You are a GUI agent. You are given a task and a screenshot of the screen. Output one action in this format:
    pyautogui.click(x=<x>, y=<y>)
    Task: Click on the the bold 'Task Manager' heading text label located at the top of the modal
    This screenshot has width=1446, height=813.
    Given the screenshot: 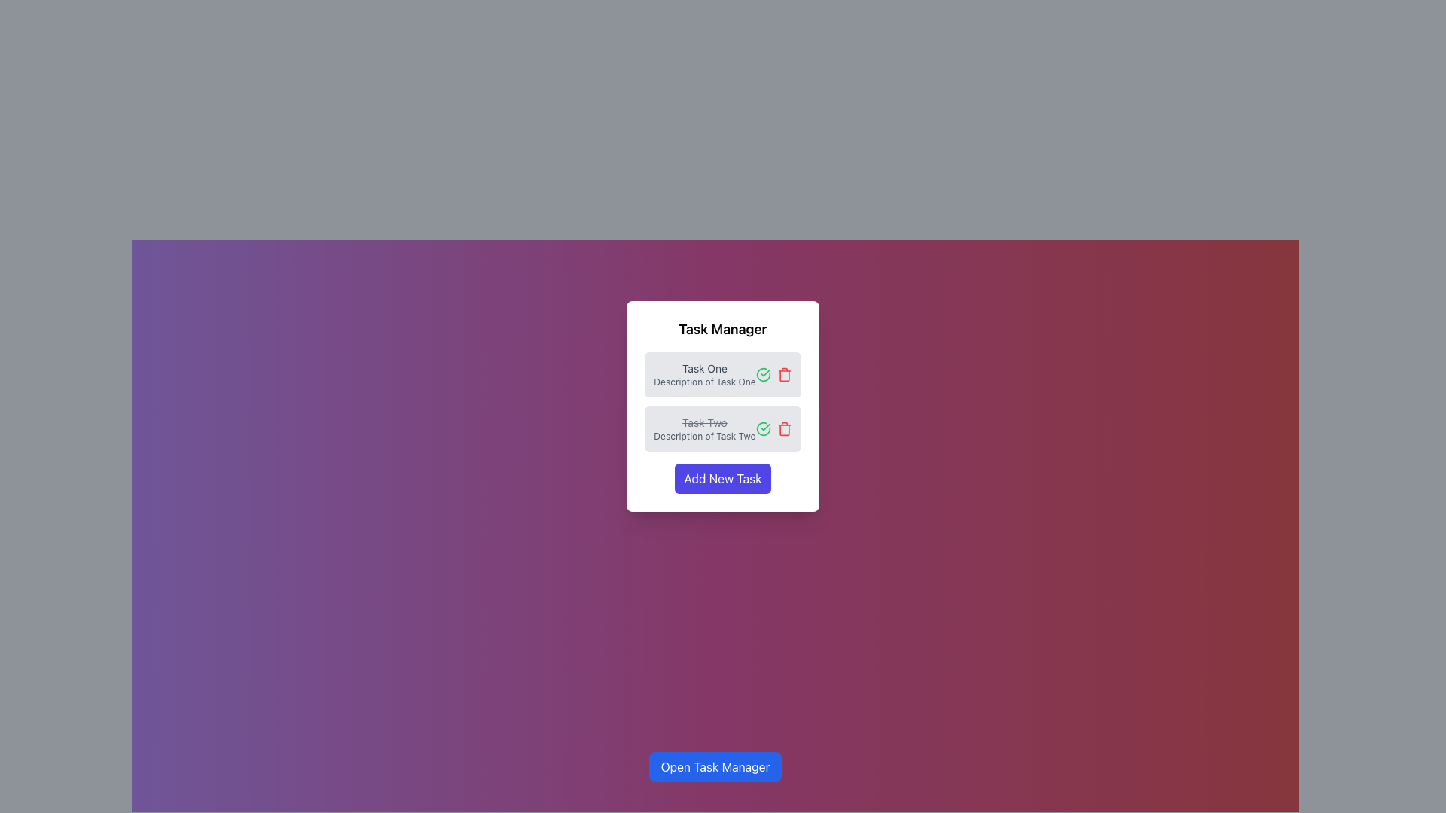 What is the action you would take?
    pyautogui.click(x=723, y=329)
    